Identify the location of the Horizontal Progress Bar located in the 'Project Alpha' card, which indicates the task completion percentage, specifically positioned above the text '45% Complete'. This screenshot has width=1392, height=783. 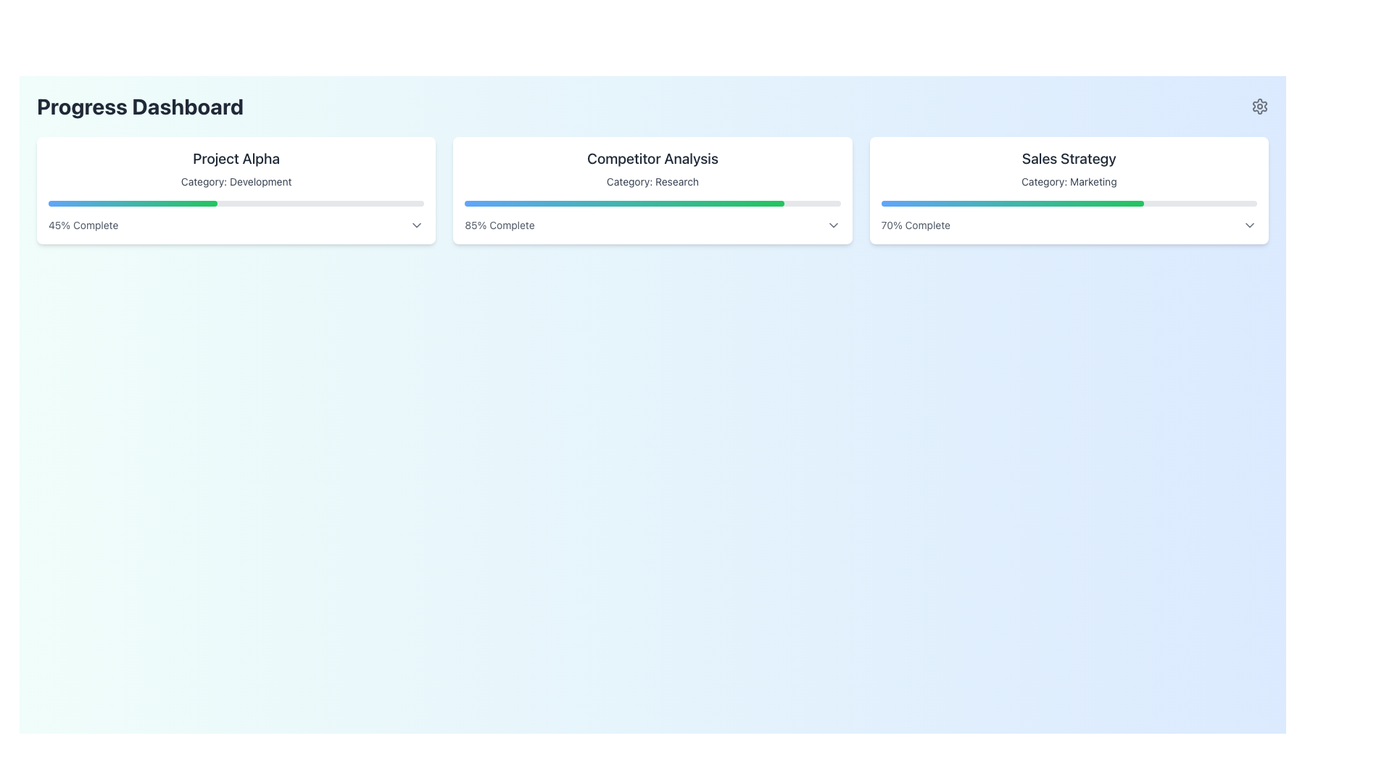
(236, 204).